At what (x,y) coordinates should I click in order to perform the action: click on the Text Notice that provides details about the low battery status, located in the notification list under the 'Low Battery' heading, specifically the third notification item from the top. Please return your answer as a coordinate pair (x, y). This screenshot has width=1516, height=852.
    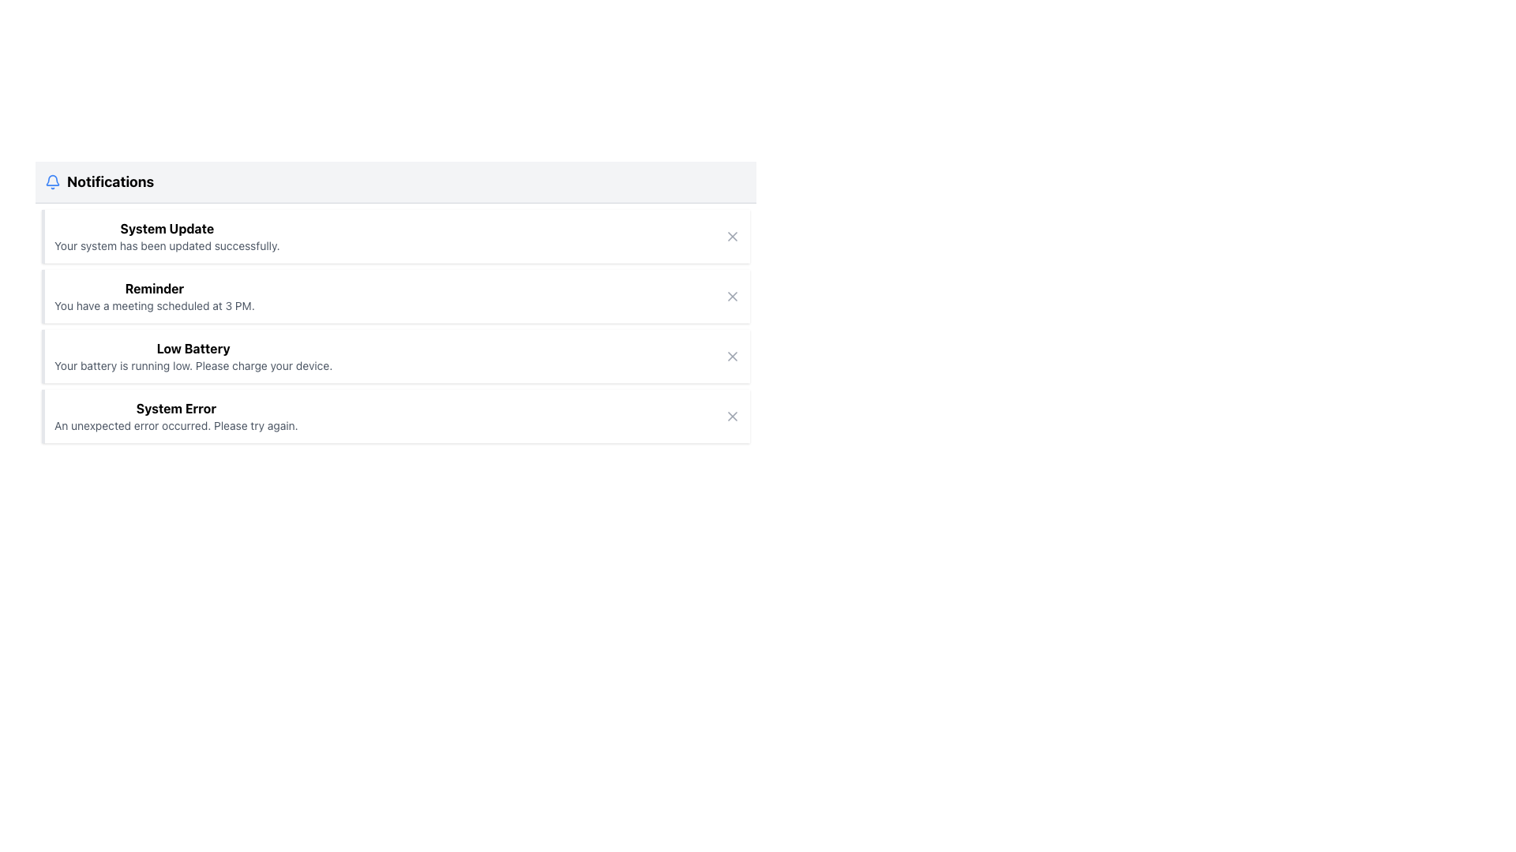
    Looking at the image, I should click on (193, 365).